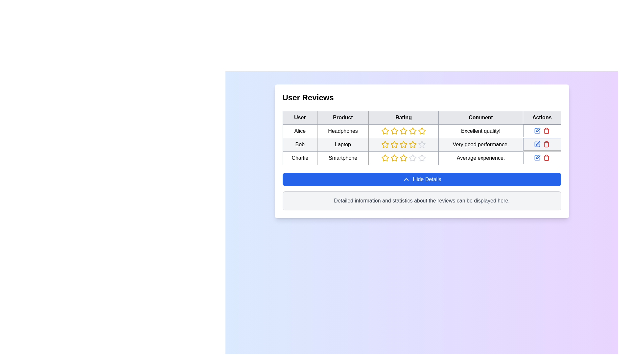  I want to click on the visual rating control in the 'Rating' column of the second row, which displays four yellow stars and one gray star, indicating the rating provided, so click(422, 144).